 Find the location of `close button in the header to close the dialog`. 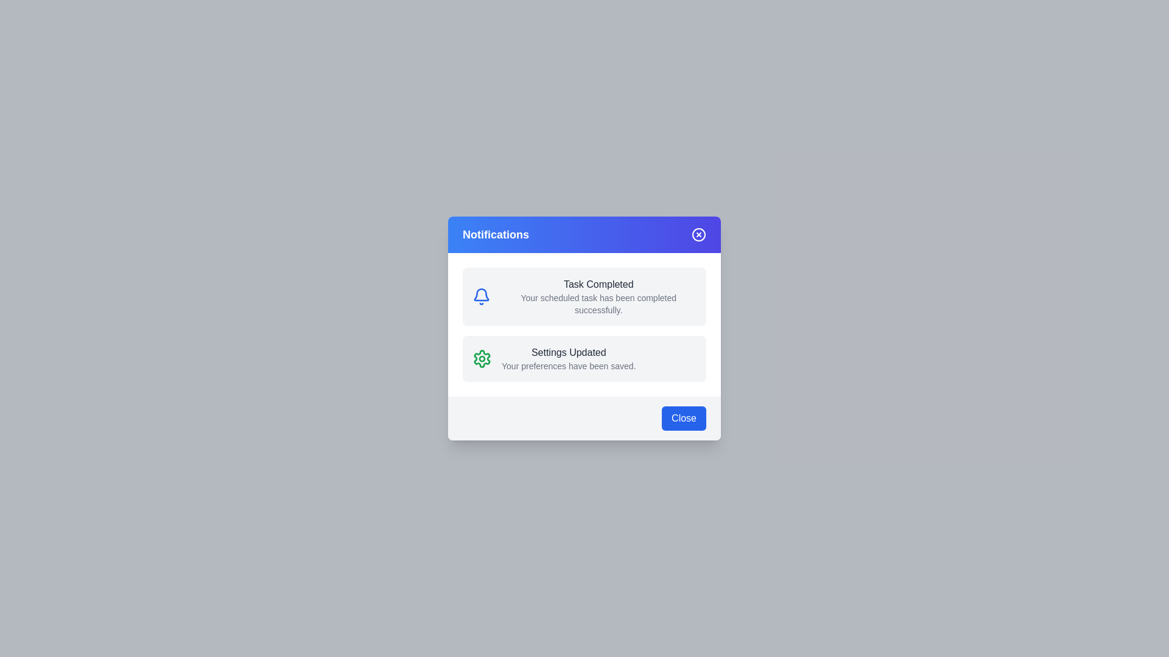

close button in the header to close the dialog is located at coordinates (698, 234).